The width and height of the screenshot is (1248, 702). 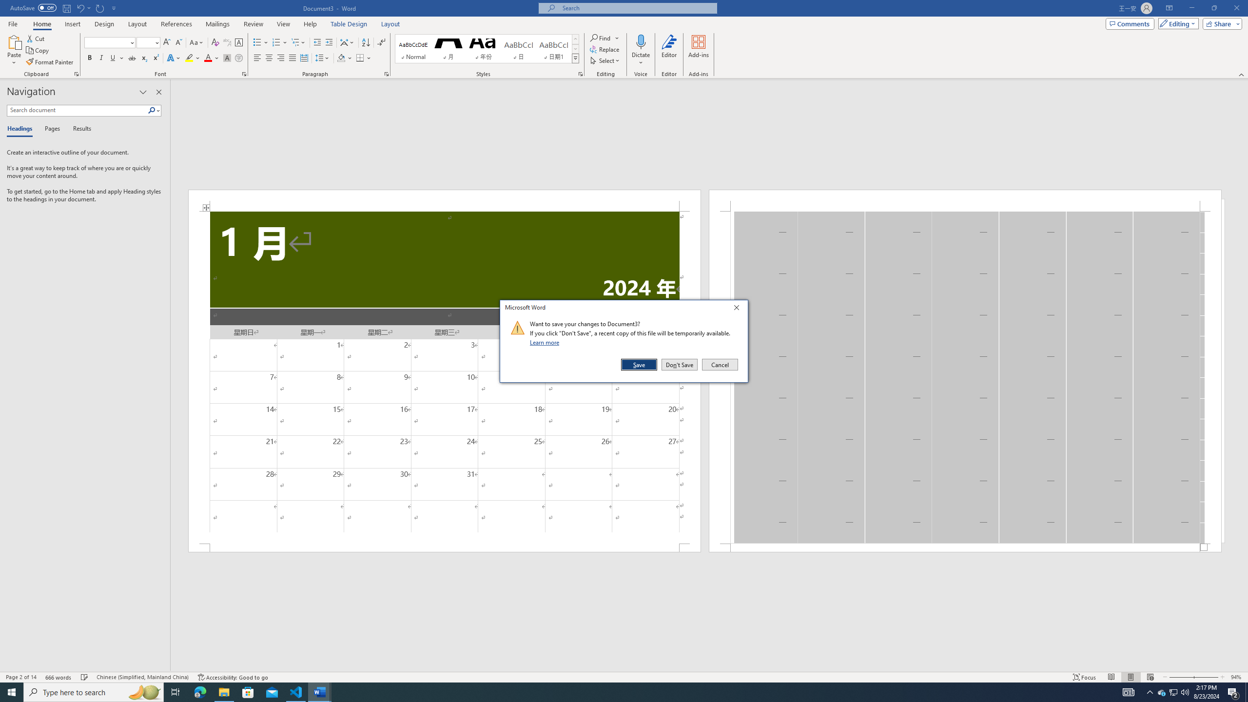 What do you see at coordinates (238, 42) in the screenshot?
I see `'Character Border'` at bounding box center [238, 42].